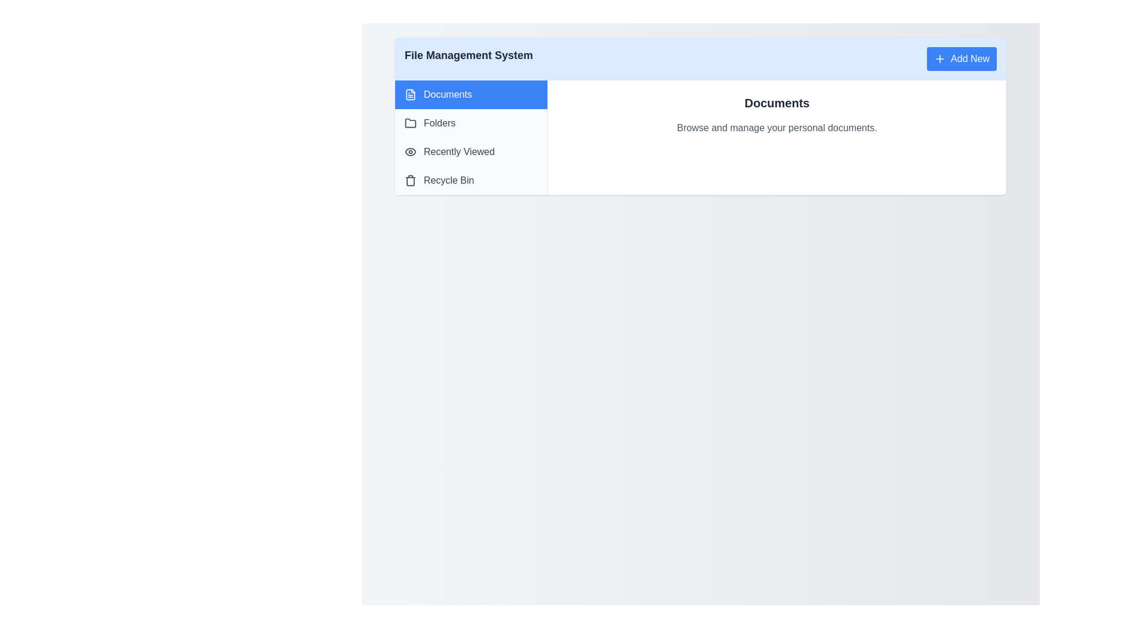 This screenshot has width=1146, height=644. What do you see at coordinates (410, 151) in the screenshot?
I see `the 'Recently Viewed' icon in the sidebar` at bounding box center [410, 151].